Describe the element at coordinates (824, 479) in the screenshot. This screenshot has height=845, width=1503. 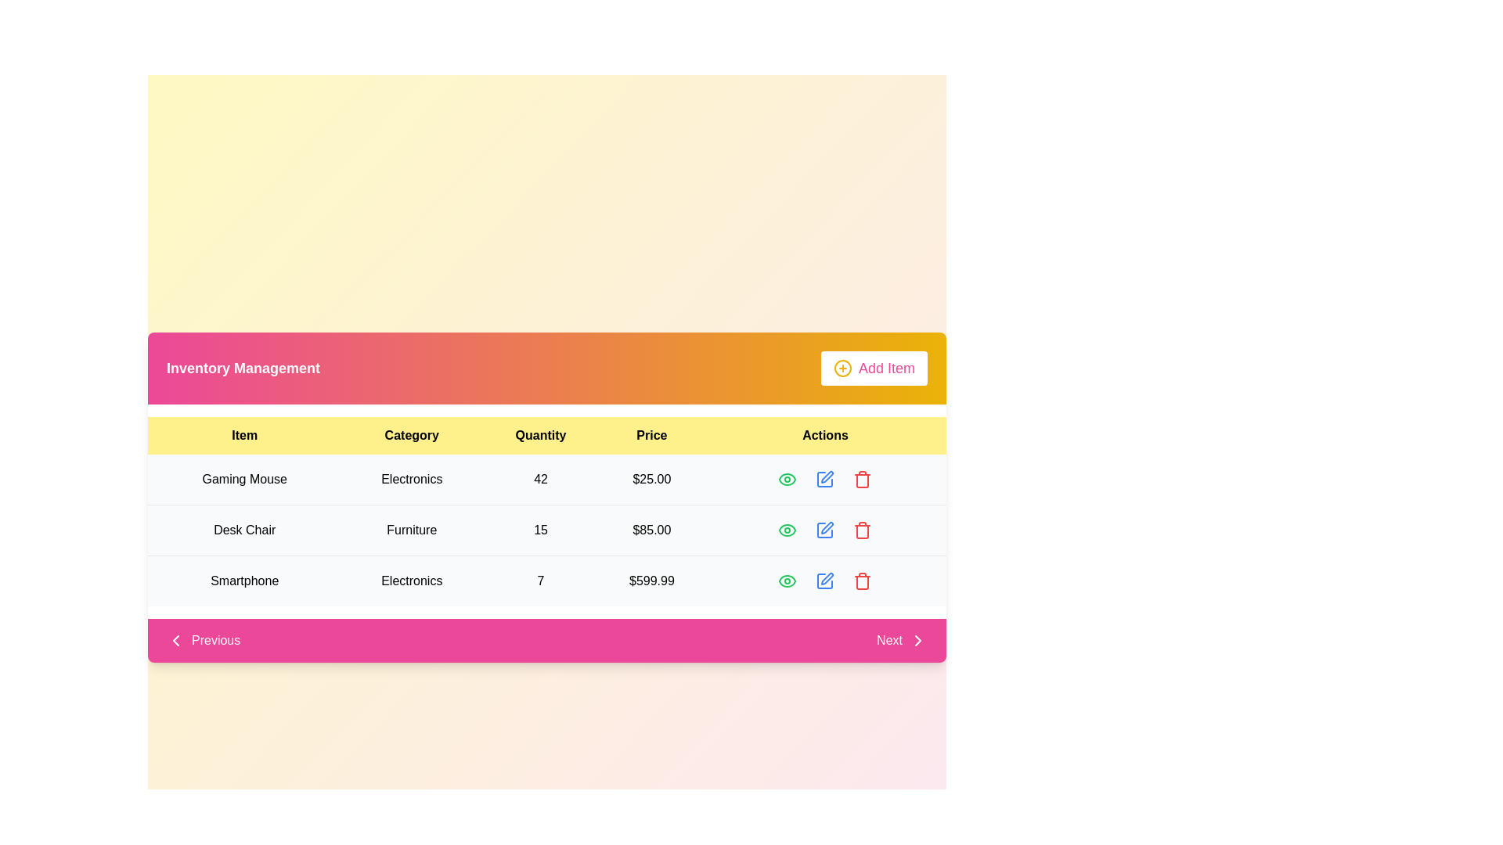
I see `the edit icon button located in the 'Actions' column of the first row in the data table` at that location.